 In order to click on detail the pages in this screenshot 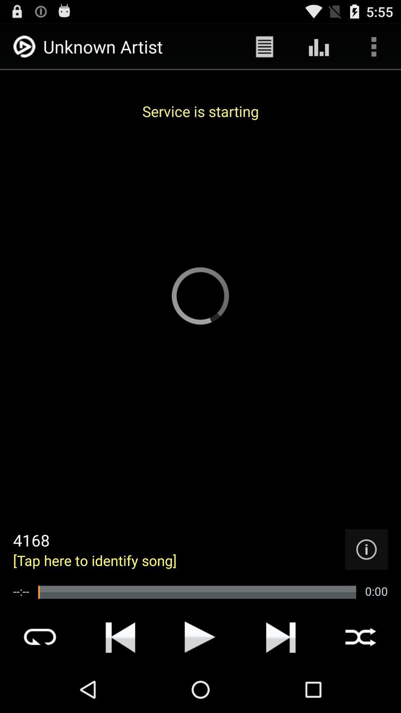, I will do `click(366, 549)`.